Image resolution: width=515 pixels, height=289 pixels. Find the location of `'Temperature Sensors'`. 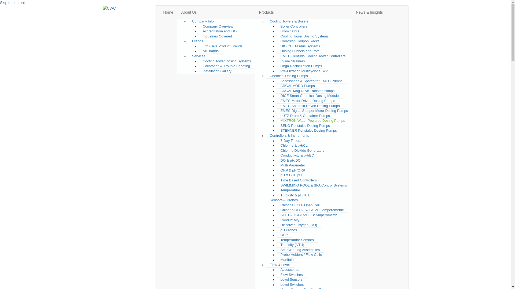

'Temperature Sensors' is located at coordinates (297, 240).